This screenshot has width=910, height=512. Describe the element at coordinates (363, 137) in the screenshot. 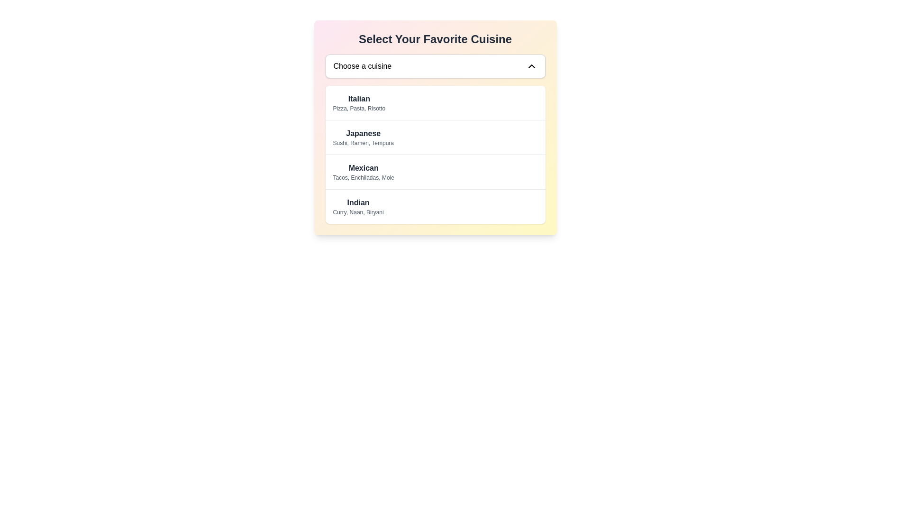

I see `the 'Japanese' cuisine category label in the dropdown menu` at that location.